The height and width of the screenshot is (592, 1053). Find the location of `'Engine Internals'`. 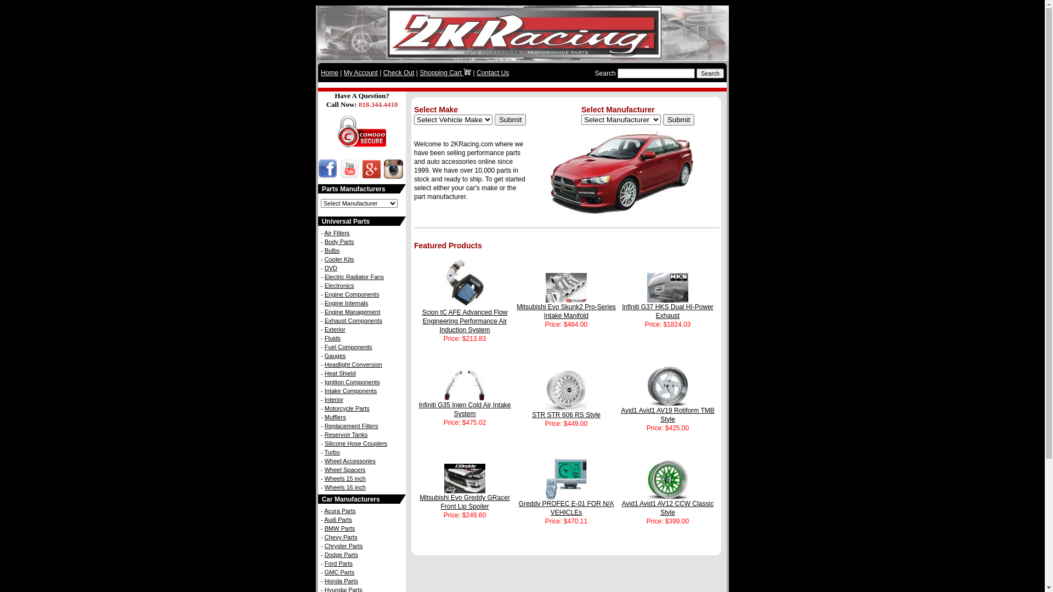

'Engine Internals' is located at coordinates (324, 303).